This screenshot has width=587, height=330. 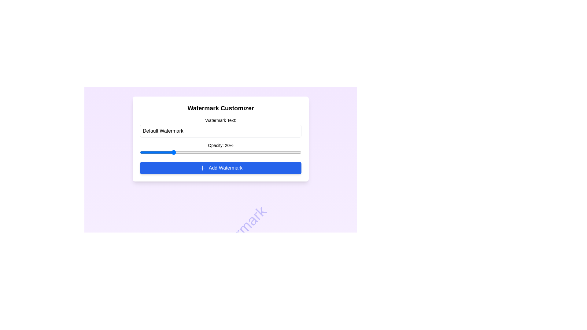 What do you see at coordinates (139, 152) in the screenshot?
I see `the slider` at bounding box center [139, 152].